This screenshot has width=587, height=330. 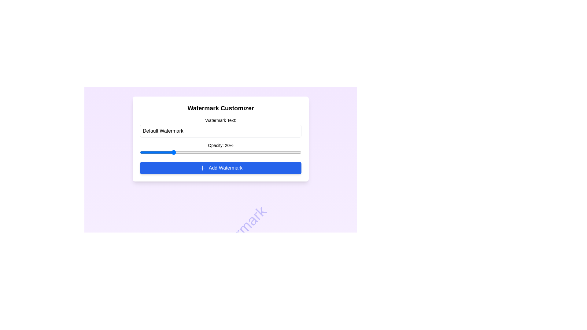 What do you see at coordinates (139, 152) in the screenshot?
I see `the slider` at bounding box center [139, 152].